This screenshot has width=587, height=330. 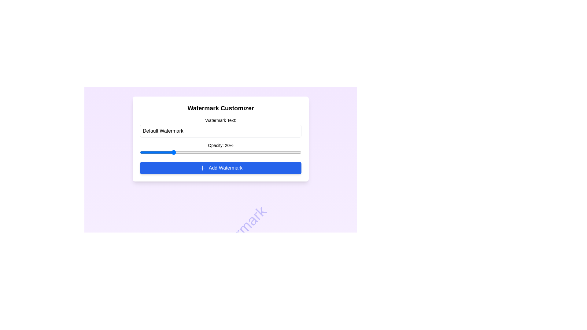 What do you see at coordinates (139, 152) in the screenshot?
I see `the slider` at bounding box center [139, 152].